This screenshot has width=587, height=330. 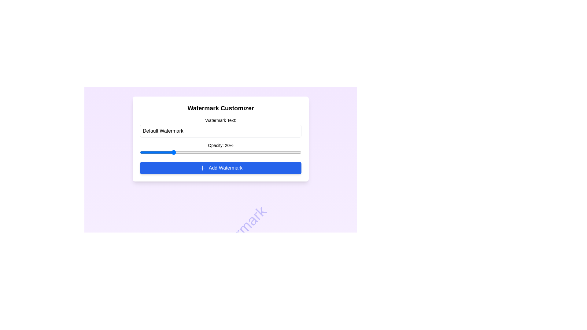 What do you see at coordinates (139, 152) in the screenshot?
I see `the slider` at bounding box center [139, 152].